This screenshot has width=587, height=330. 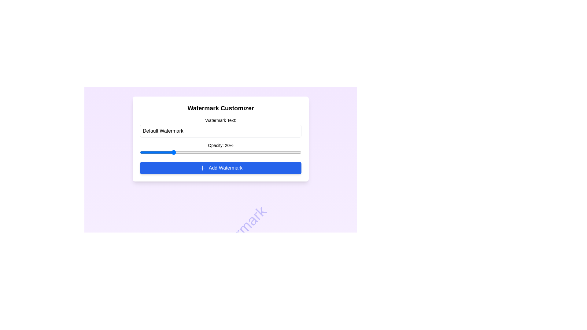 What do you see at coordinates (139, 152) in the screenshot?
I see `the slider` at bounding box center [139, 152].